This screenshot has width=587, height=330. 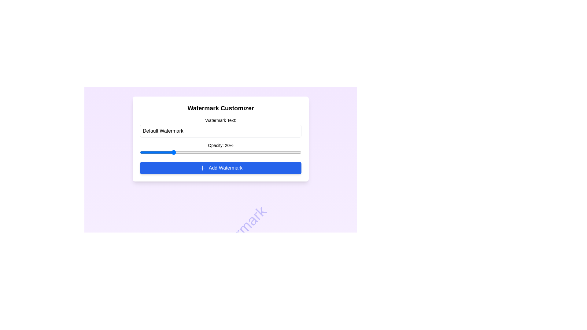 What do you see at coordinates (139, 152) in the screenshot?
I see `the slider` at bounding box center [139, 152].